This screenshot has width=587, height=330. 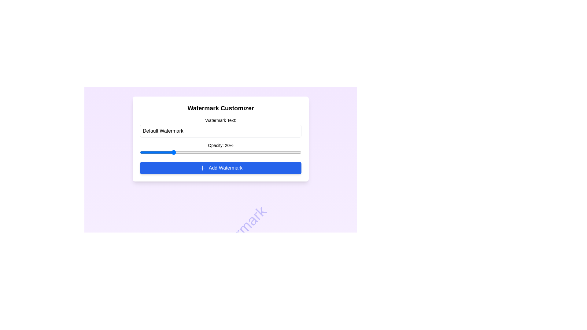 What do you see at coordinates (139, 152) in the screenshot?
I see `the slider` at bounding box center [139, 152].